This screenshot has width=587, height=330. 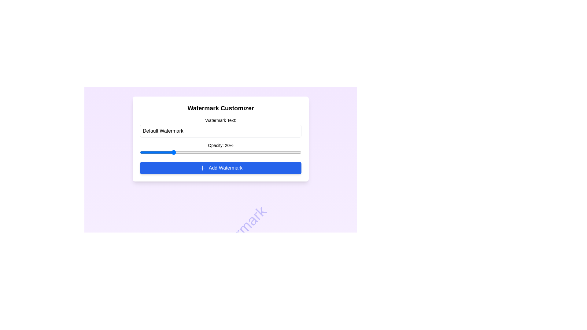 What do you see at coordinates (139, 152) in the screenshot?
I see `the slider` at bounding box center [139, 152].